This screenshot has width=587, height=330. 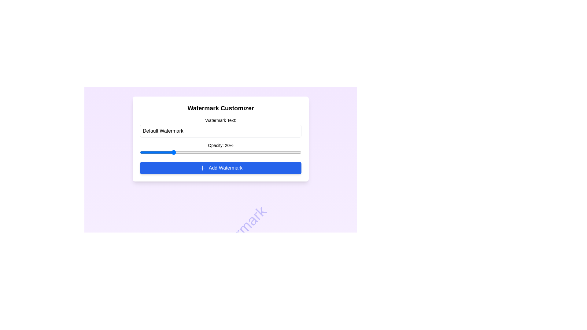 What do you see at coordinates (139, 152) in the screenshot?
I see `the slider` at bounding box center [139, 152].